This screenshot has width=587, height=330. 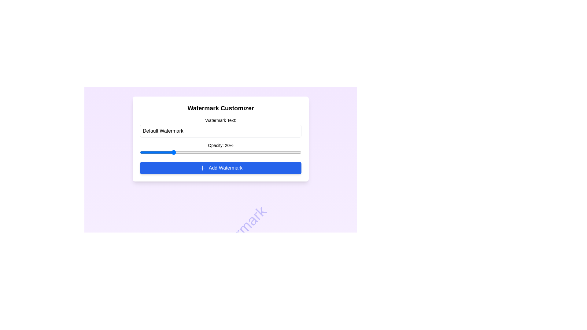 What do you see at coordinates (139, 152) in the screenshot?
I see `the slider` at bounding box center [139, 152].